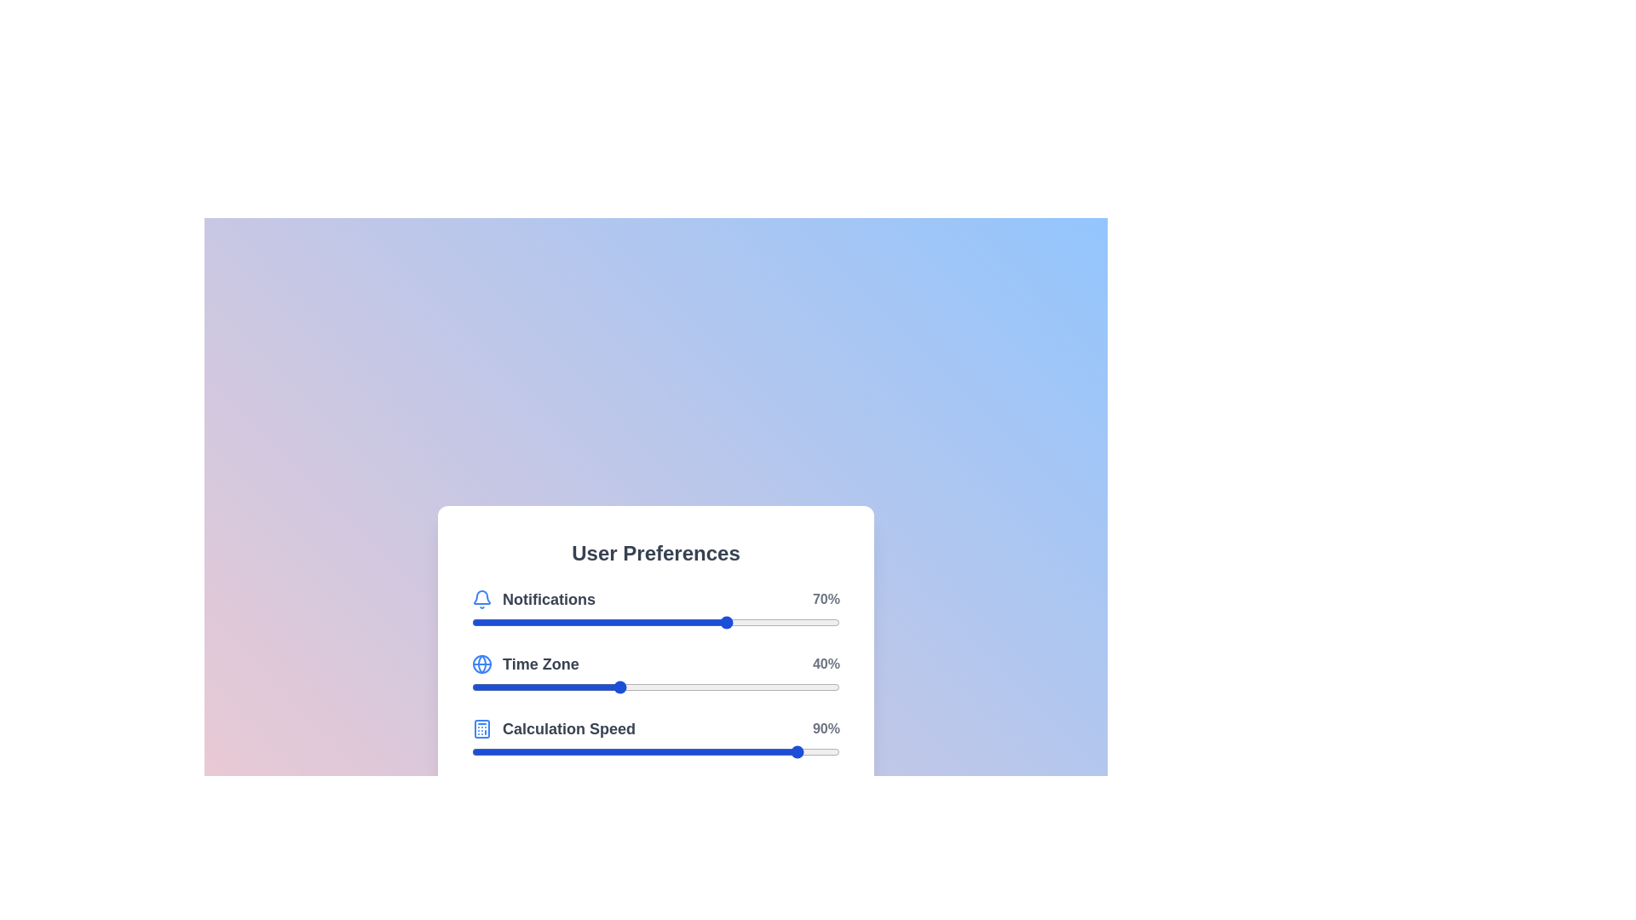 This screenshot has height=920, width=1636. Describe the element at coordinates (625, 686) in the screenshot. I see `the 'Time Zone' slider to 42% by dragging the slider to the corresponding position` at that location.